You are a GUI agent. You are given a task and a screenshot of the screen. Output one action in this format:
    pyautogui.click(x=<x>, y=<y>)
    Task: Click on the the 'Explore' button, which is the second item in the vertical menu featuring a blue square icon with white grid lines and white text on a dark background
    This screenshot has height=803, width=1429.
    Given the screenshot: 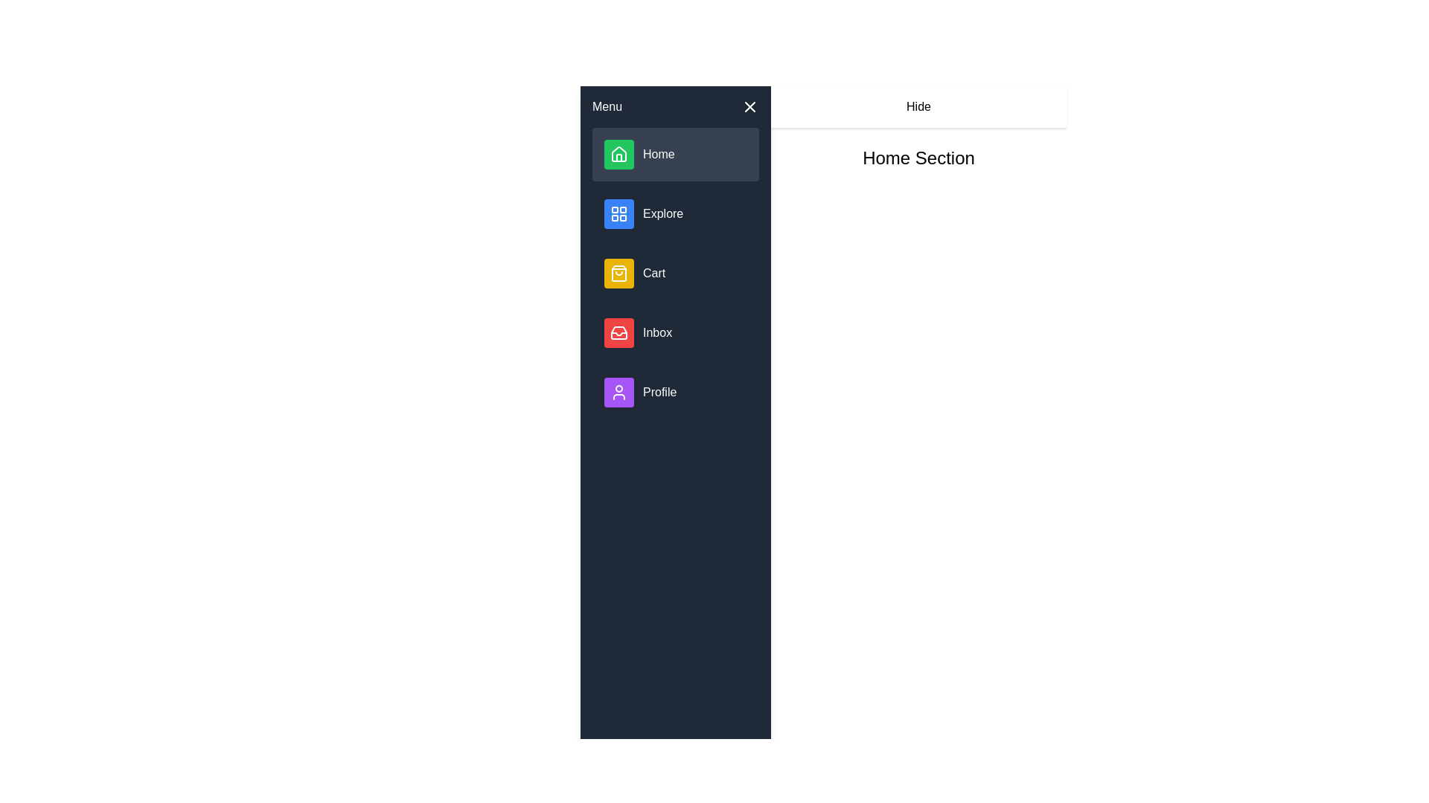 What is the action you would take?
    pyautogui.click(x=674, y=214)
    